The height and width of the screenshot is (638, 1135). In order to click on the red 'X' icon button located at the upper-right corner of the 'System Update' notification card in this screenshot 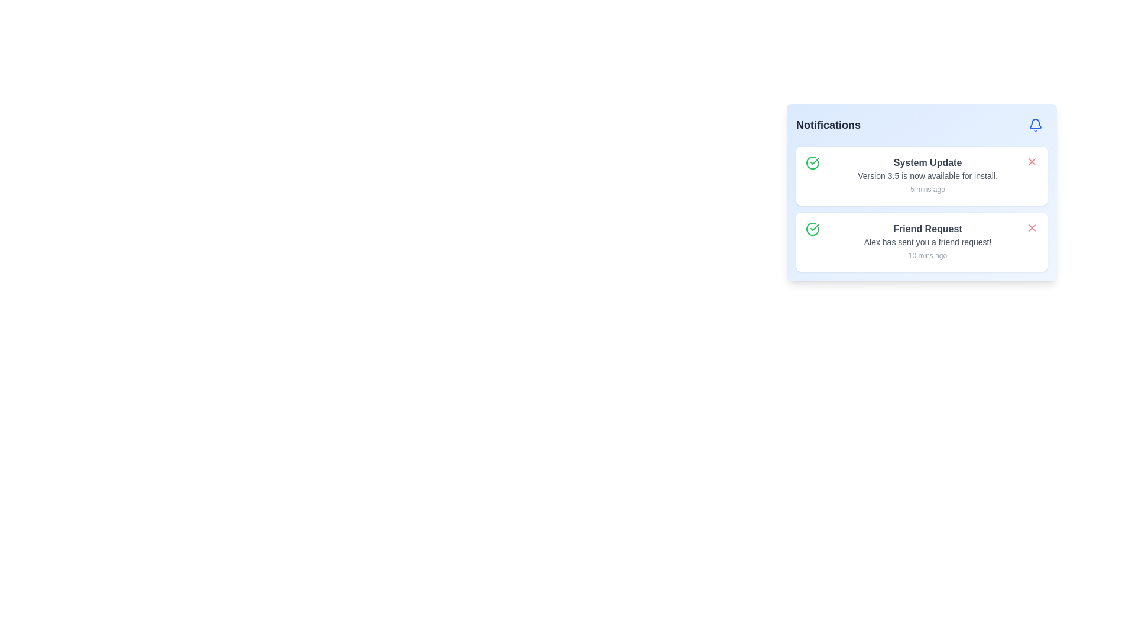, I will do `click(1032, 161)`.